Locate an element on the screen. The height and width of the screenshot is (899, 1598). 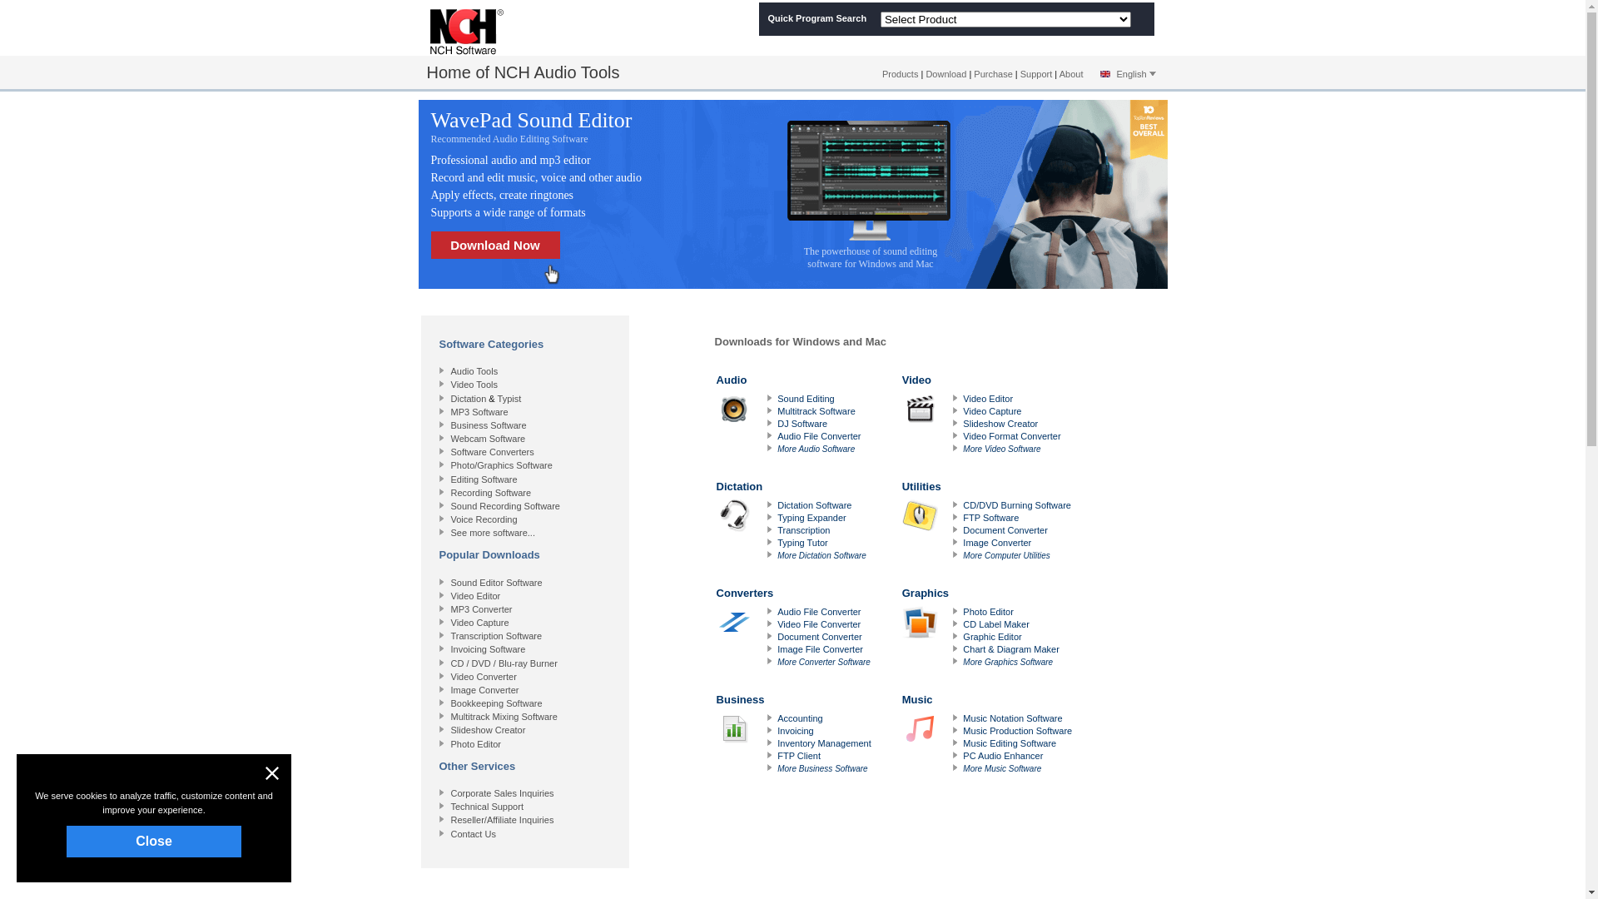
'Document Converter' is located at coordinates (1005, 529).